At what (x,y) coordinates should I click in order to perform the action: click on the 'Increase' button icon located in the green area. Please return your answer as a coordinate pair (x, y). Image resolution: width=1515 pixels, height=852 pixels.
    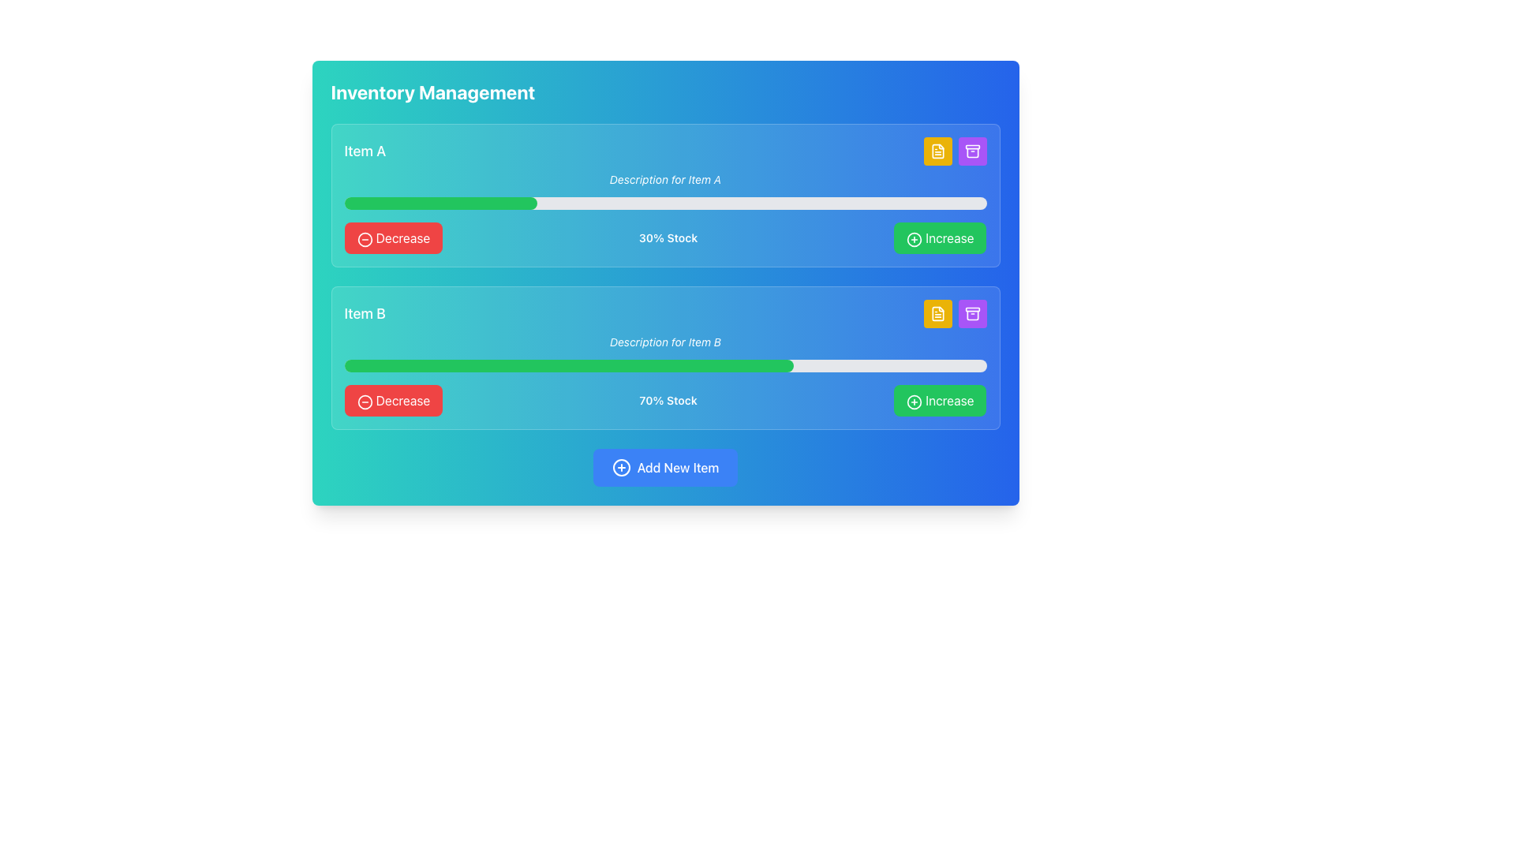
    Looking at the image, I should click on (914, 239).